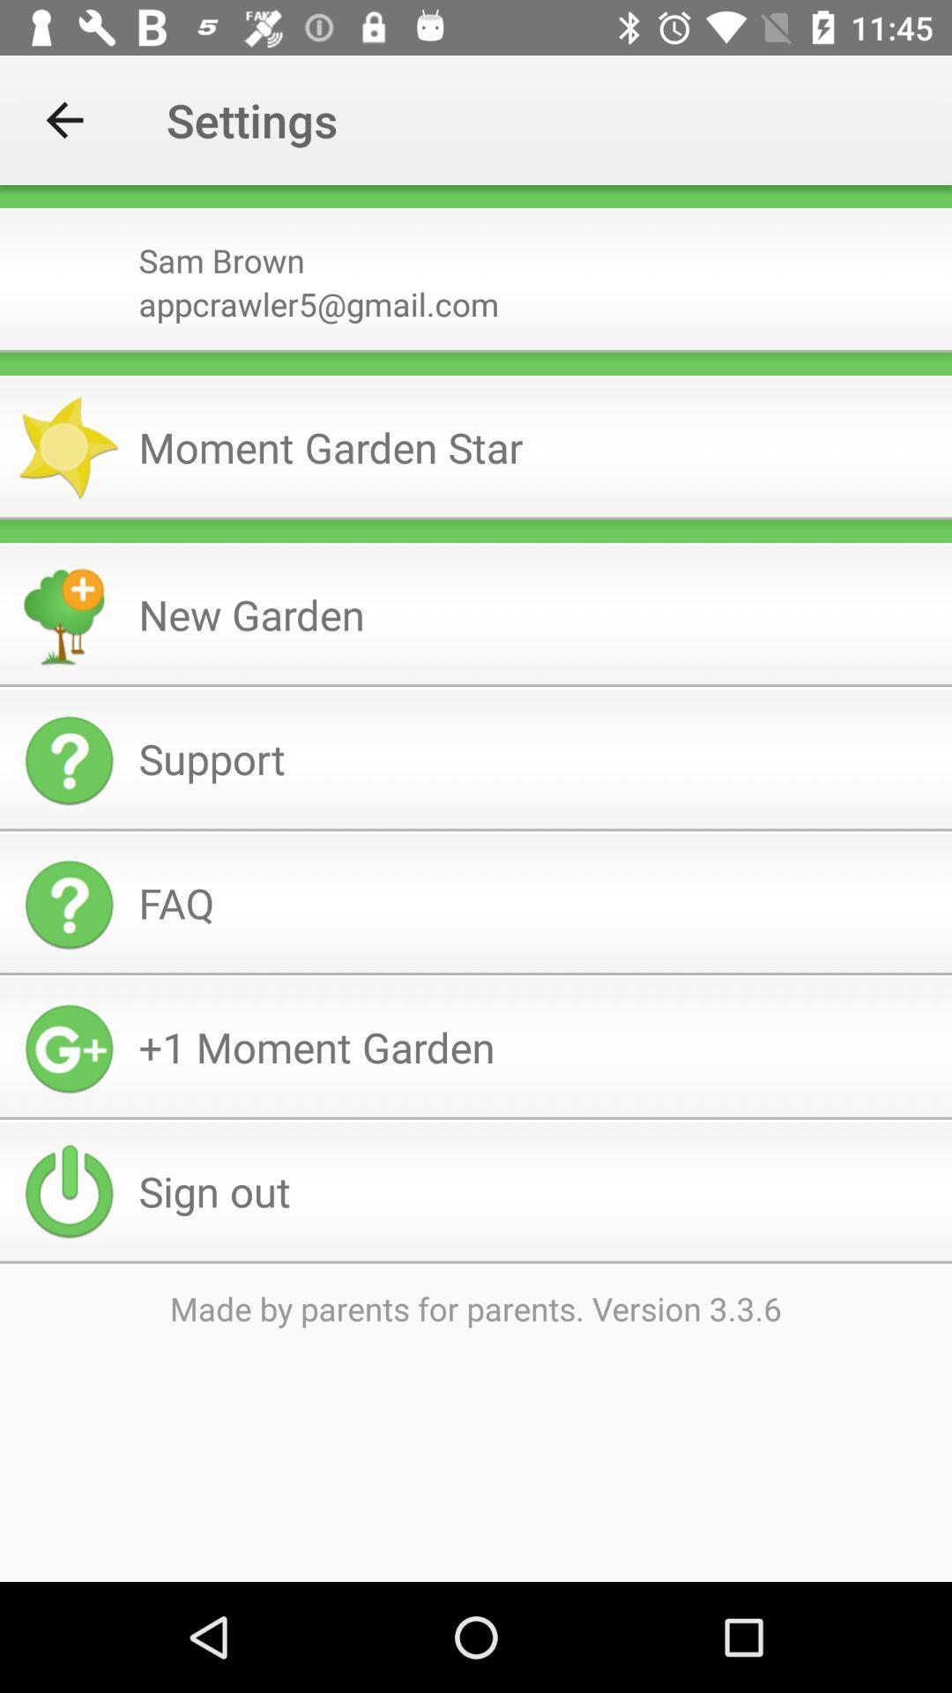  What do you see at coordinates (476, 209) in the screenshot?
I see `the icon below` at bounding box center [476, 209].